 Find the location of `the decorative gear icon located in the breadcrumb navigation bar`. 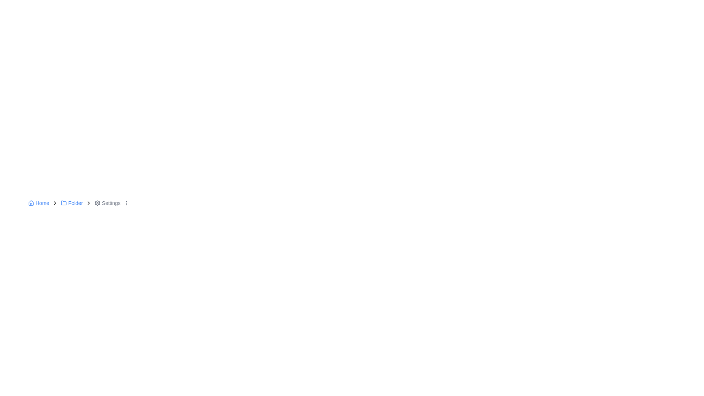

the decorative gear icon located in the breadcrumb navigation bar is located at coordinates (97, 203).